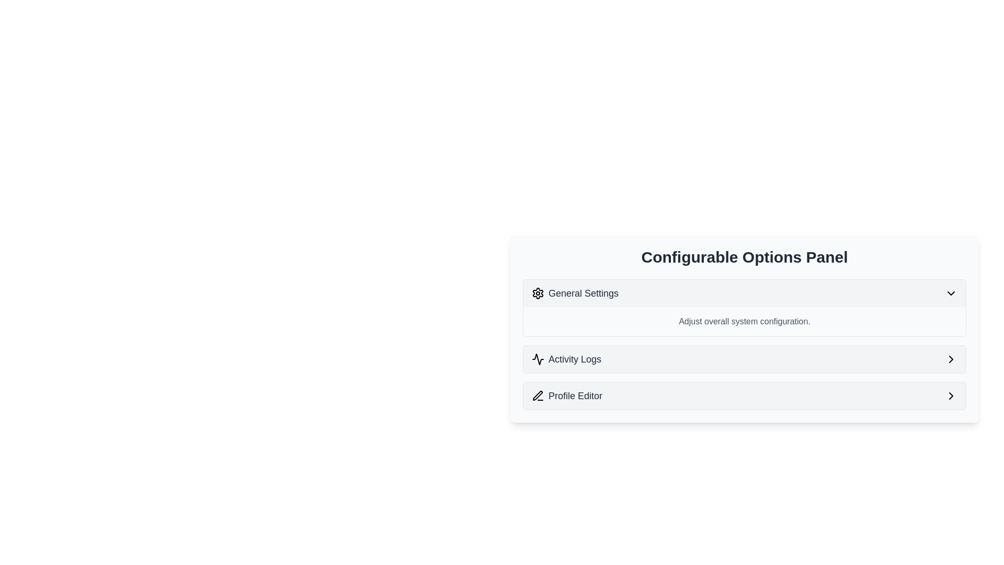 The width and height of the screenshot is (1004, 565). What do you see at coordinates (744, 257) in the screenshot?
I see `the header element displaying 'Configurable Options Panel'` at bounding box center [744, 257].